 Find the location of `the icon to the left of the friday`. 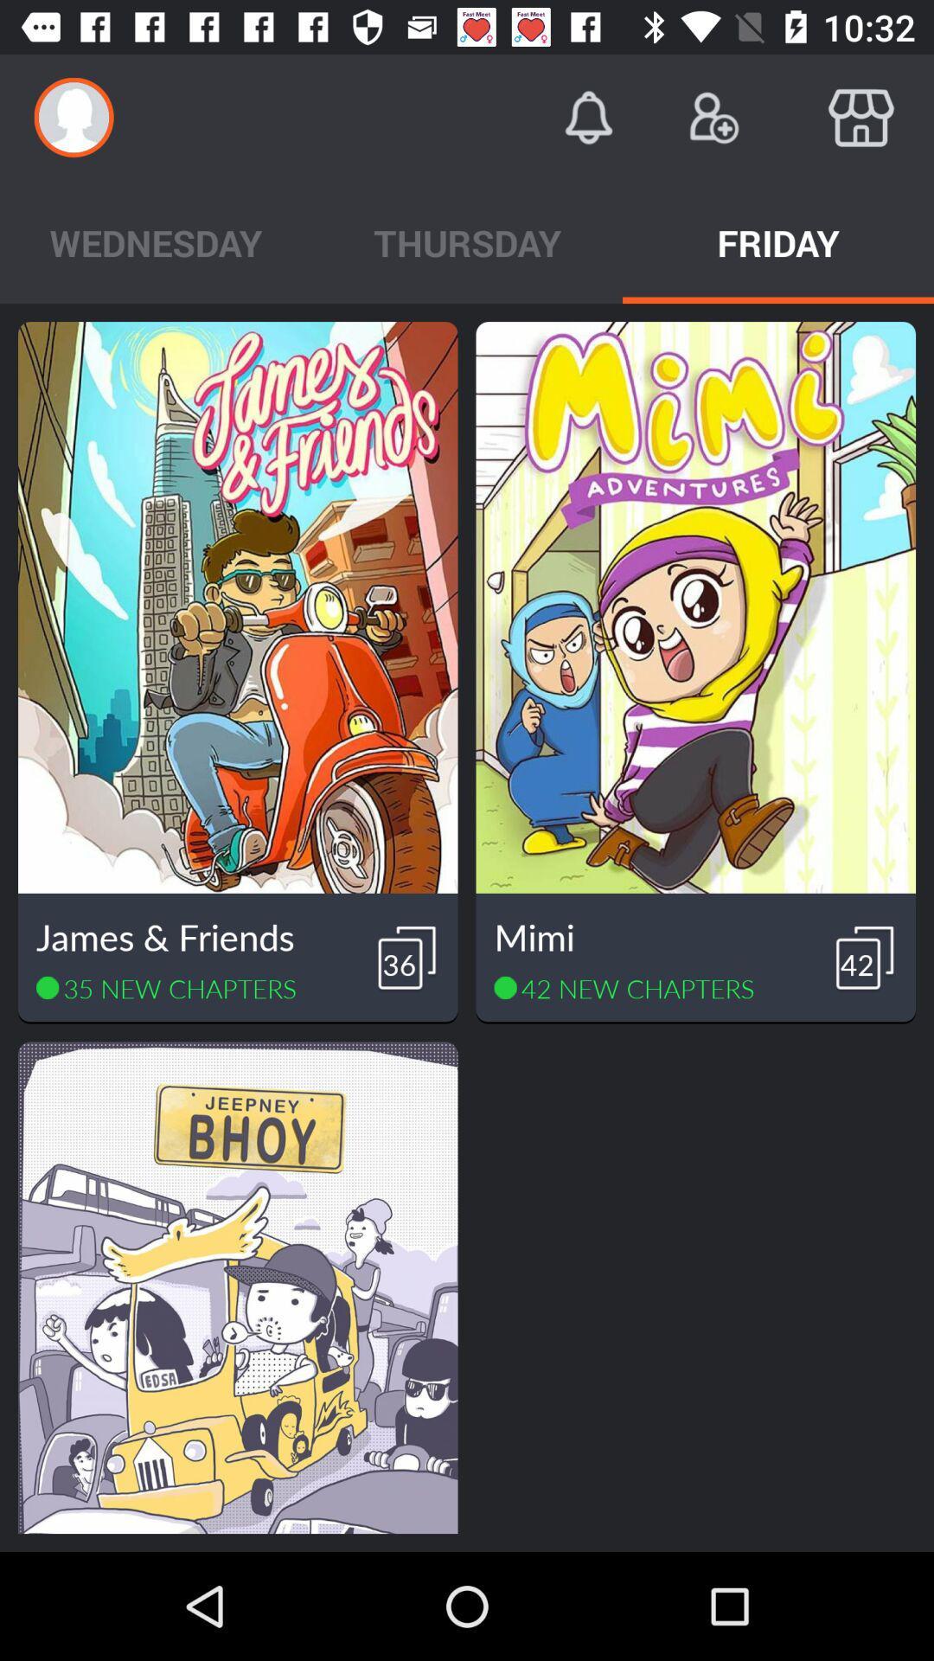

the icon to the left of the friday is located at coordinates (467, 241).